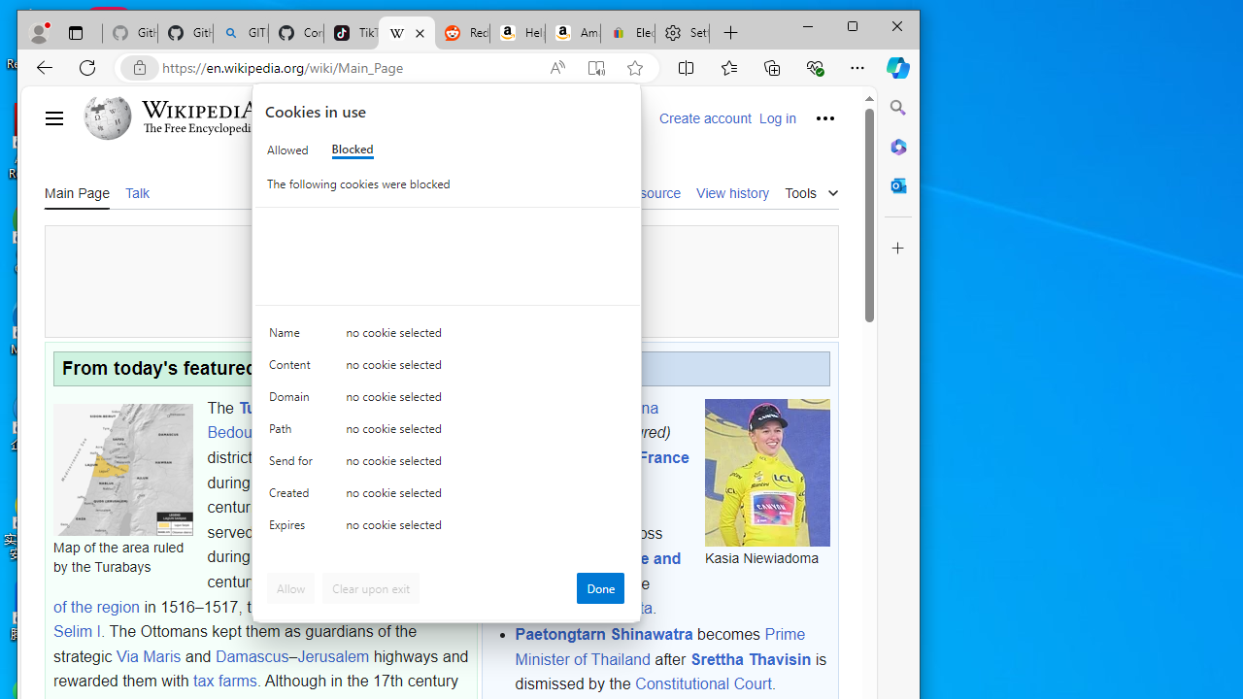 The height and width of the screenshot is (699, 1243). Describe the element at coordinates (292, 336) in the screenshot. I see `'Name'` at that location.